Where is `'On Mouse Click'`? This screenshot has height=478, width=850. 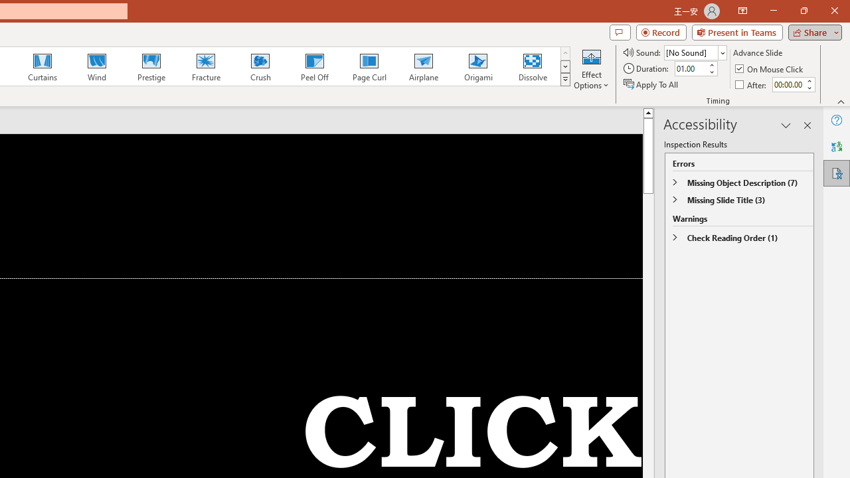 'On Mouse Click' is located at coordinates (770, 68).